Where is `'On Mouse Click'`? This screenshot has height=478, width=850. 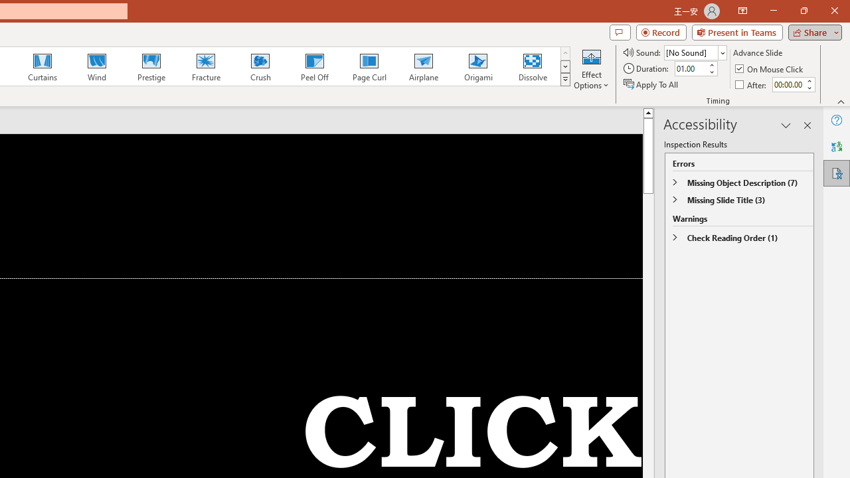 'On Mouse Click' is located at coordinates (770, 68).